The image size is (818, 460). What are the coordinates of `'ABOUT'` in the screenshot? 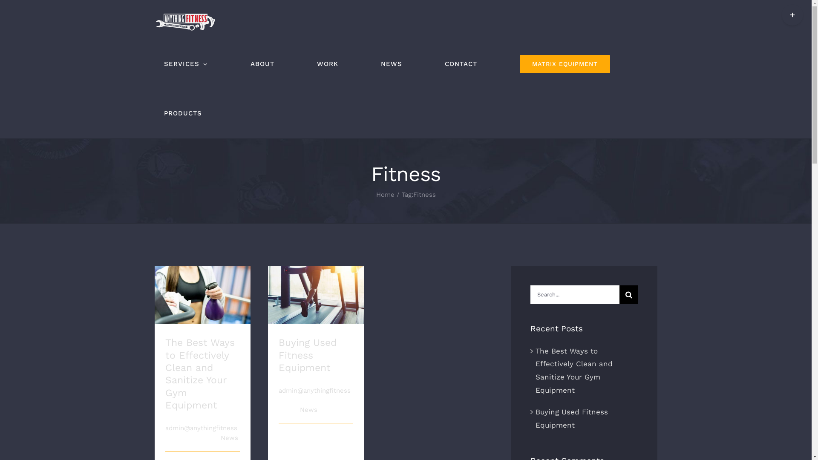 It's located at (262, 63).